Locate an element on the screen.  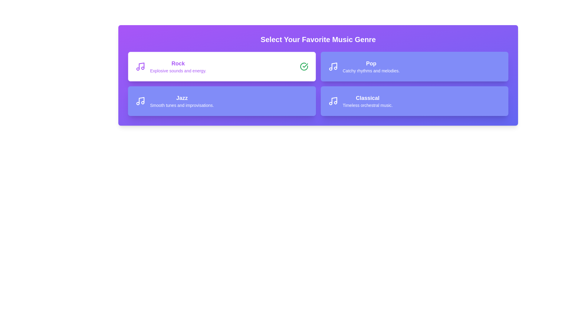
text from the heading element that serves as the title for the music genre selection, positioned at the top of the view is located at coordinates (318, 40).